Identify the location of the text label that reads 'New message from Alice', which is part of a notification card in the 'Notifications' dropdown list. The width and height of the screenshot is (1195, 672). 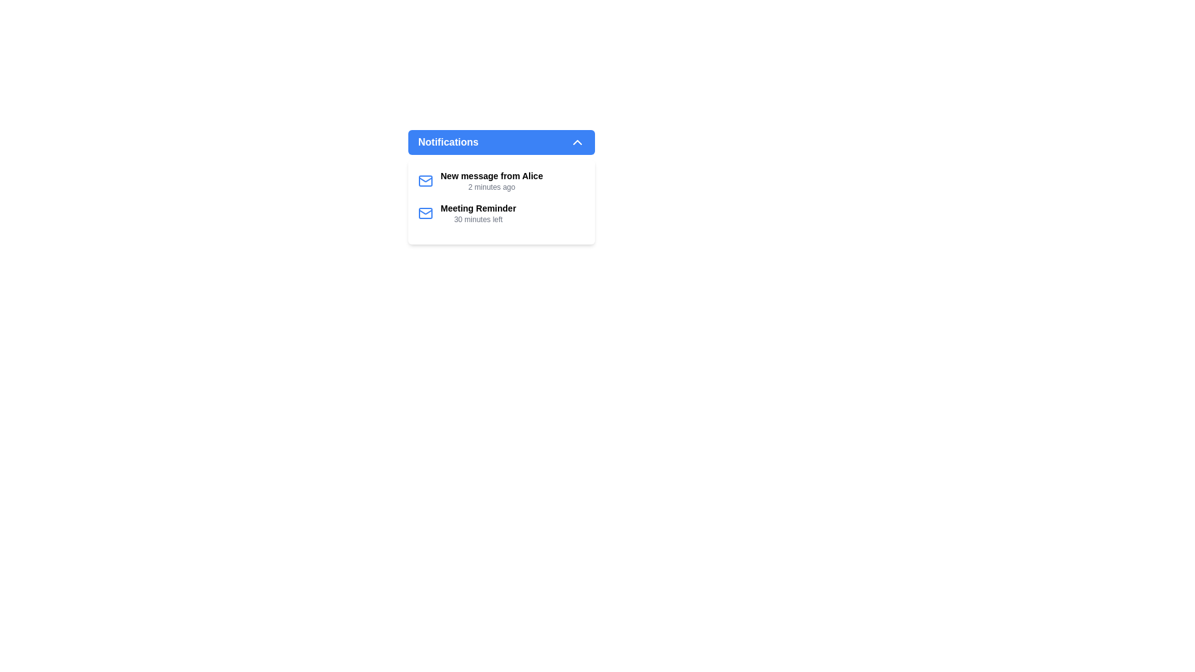
(491, 175).